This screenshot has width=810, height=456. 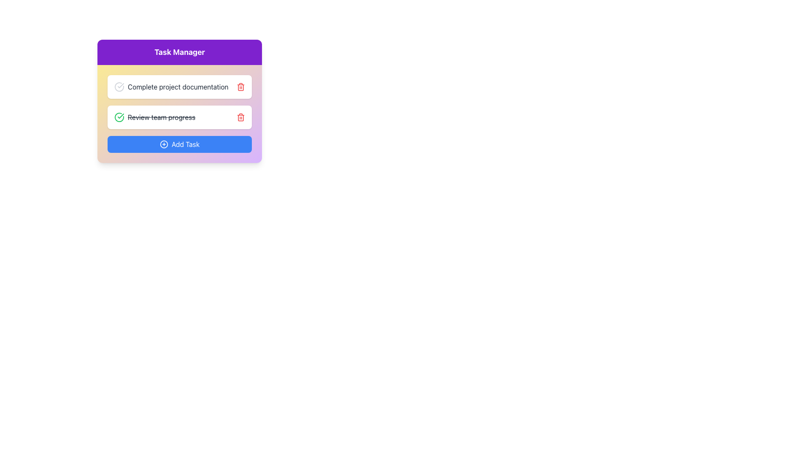 What do you see at coordinates (179, 52) in the screenshot?
I see `the Header or Title Element located at the top of the task management panel, which provides context about the panel's purpose` at bounding box center [179, 52].